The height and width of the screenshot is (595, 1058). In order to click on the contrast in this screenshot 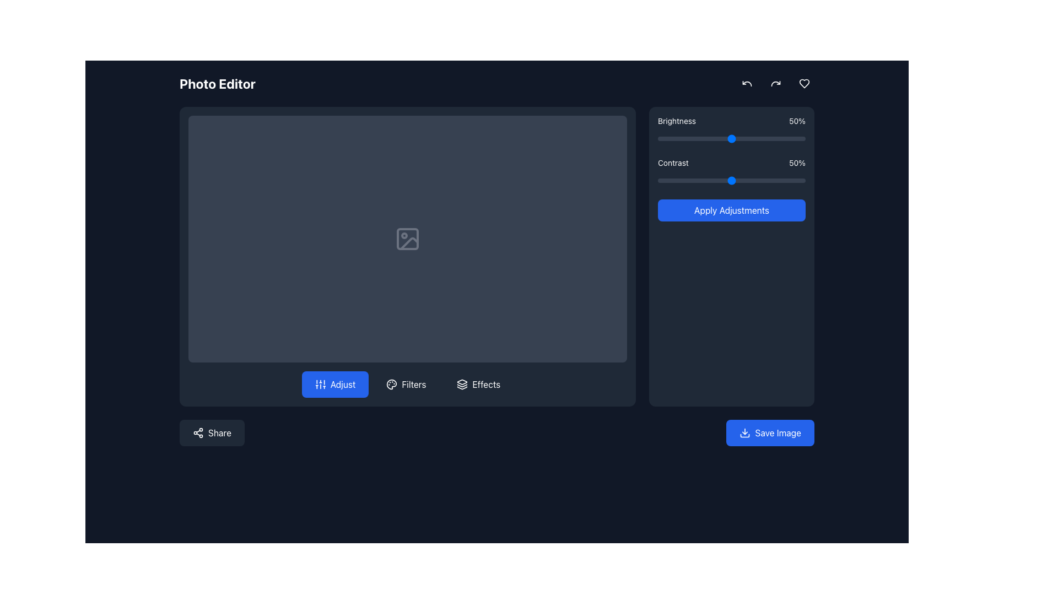, I will do `click(712, 180)`.